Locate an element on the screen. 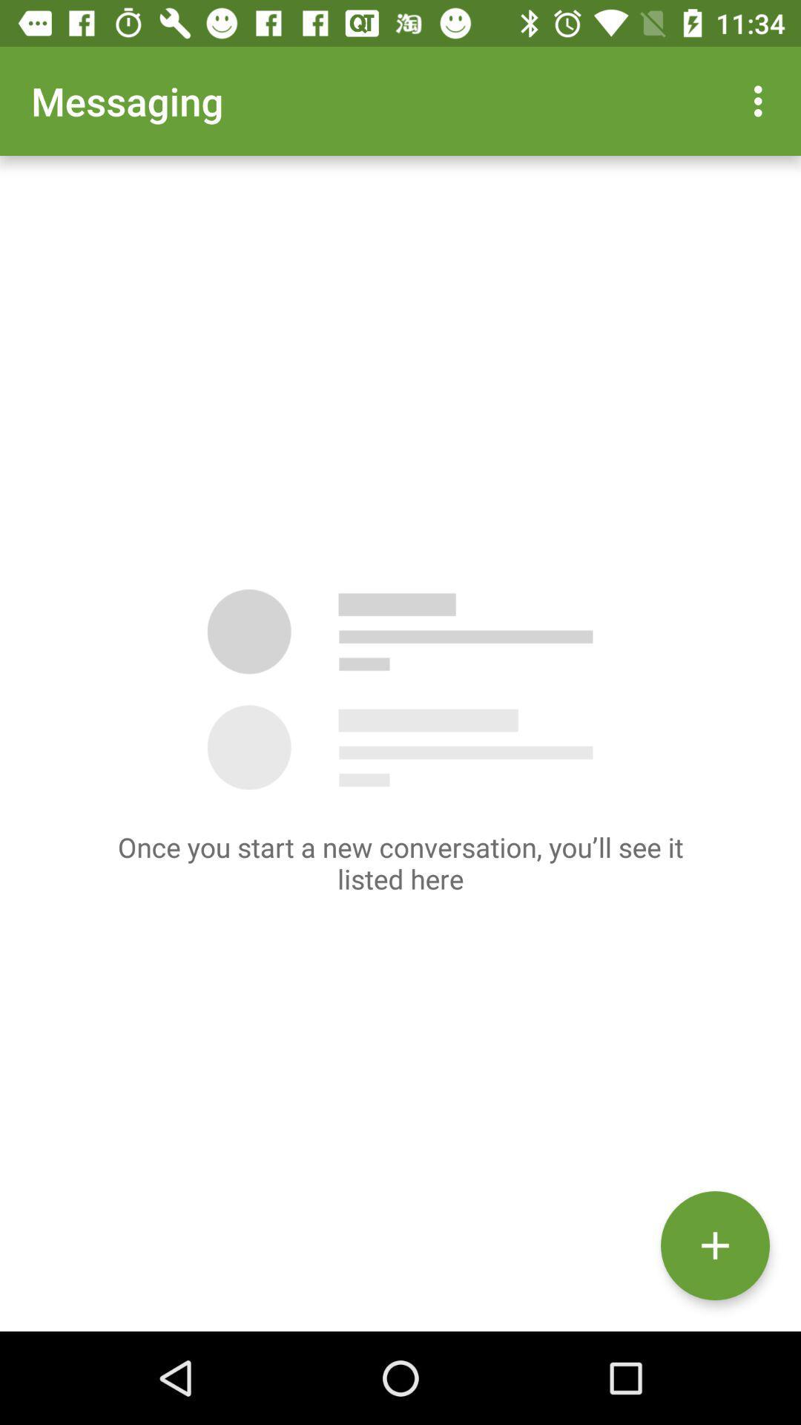 Image resolution: width=801 pixels, height=1425 pixels. the app to the right of messaging app is located at coordinates (762, 100).